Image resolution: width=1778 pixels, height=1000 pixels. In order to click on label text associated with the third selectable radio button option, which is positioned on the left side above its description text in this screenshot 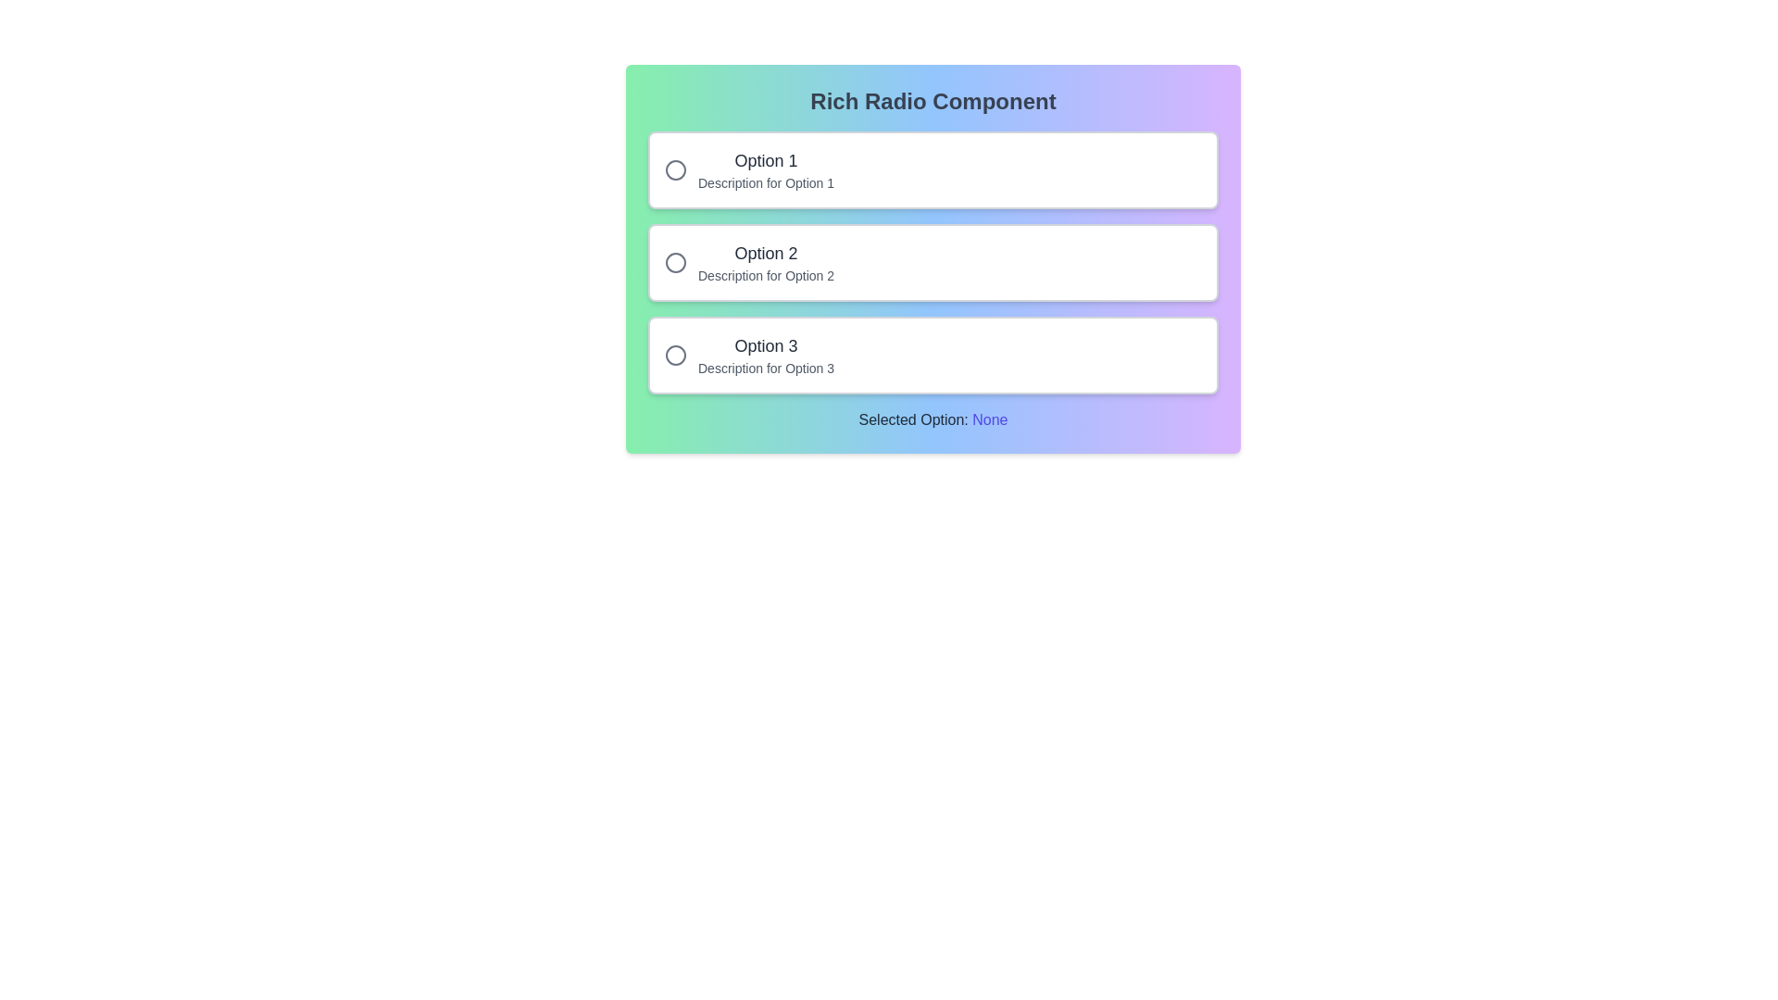, I will do `click(766, 346)`.